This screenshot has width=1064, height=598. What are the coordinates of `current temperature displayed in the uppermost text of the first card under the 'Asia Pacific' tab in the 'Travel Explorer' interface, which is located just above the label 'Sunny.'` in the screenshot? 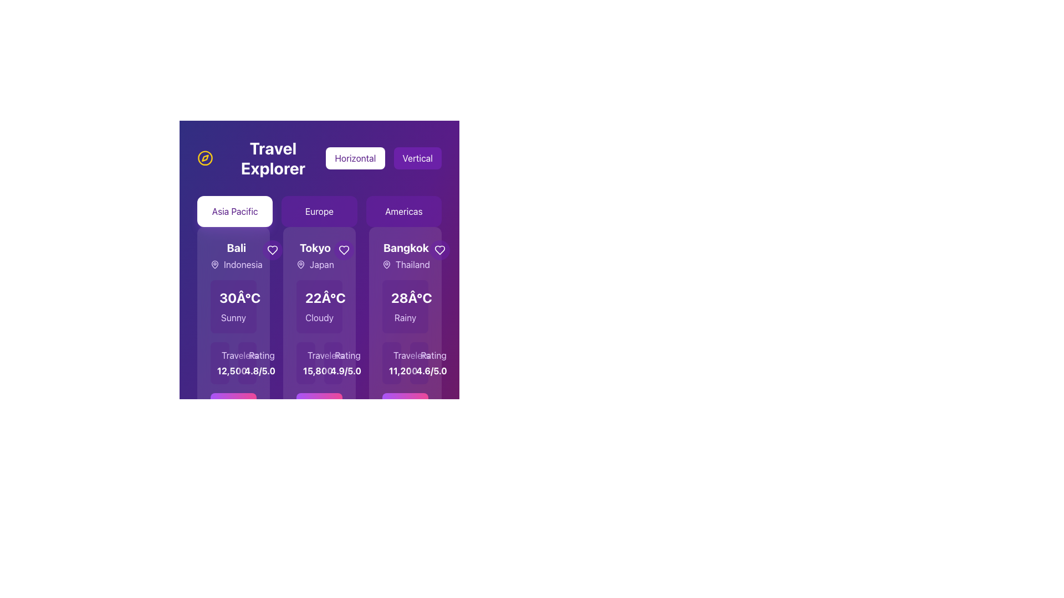 It's located at (233, 297).